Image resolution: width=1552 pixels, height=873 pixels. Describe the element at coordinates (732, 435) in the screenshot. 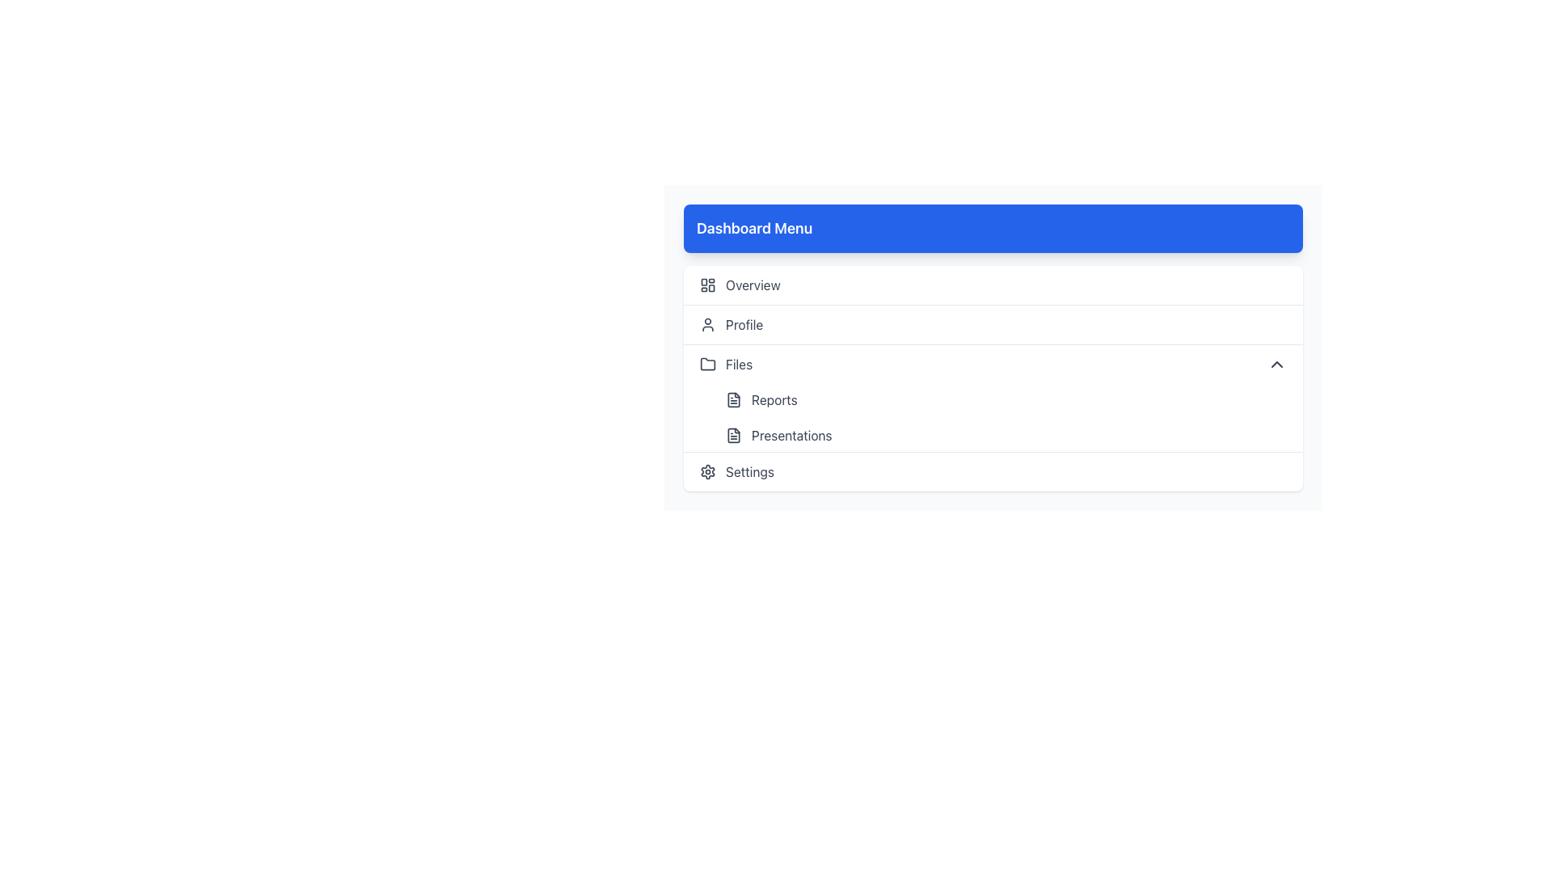

I see `the document icon located to the left of the 'Presentations' label in the sidebar menu` at that location.